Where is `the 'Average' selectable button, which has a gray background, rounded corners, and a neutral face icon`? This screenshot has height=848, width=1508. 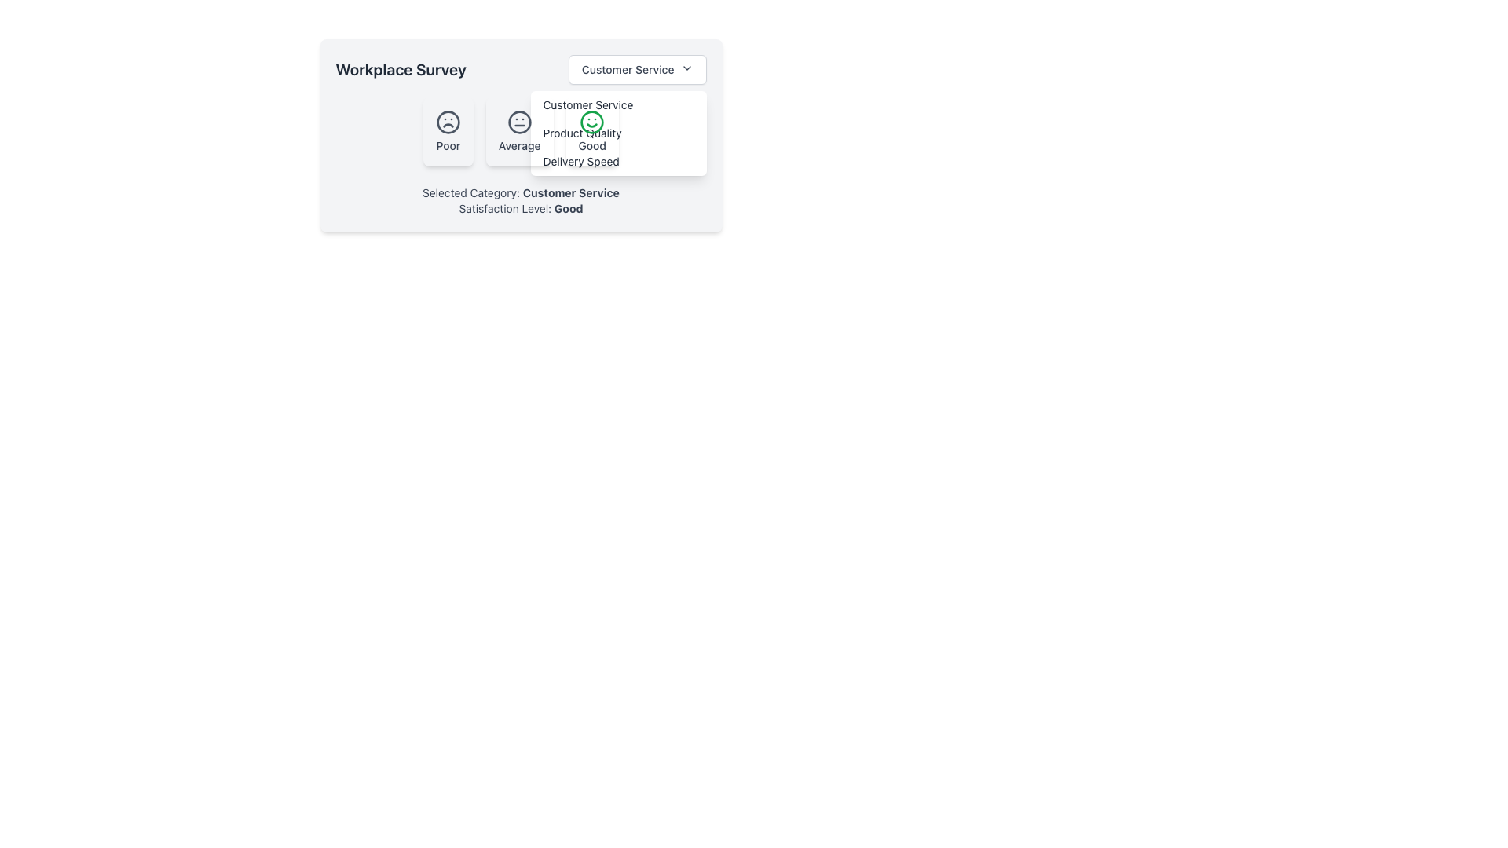 the 'Average' selectable button, which has a gray background, rounded corners, and a neutral face icon is located at coordinates (521, 135).